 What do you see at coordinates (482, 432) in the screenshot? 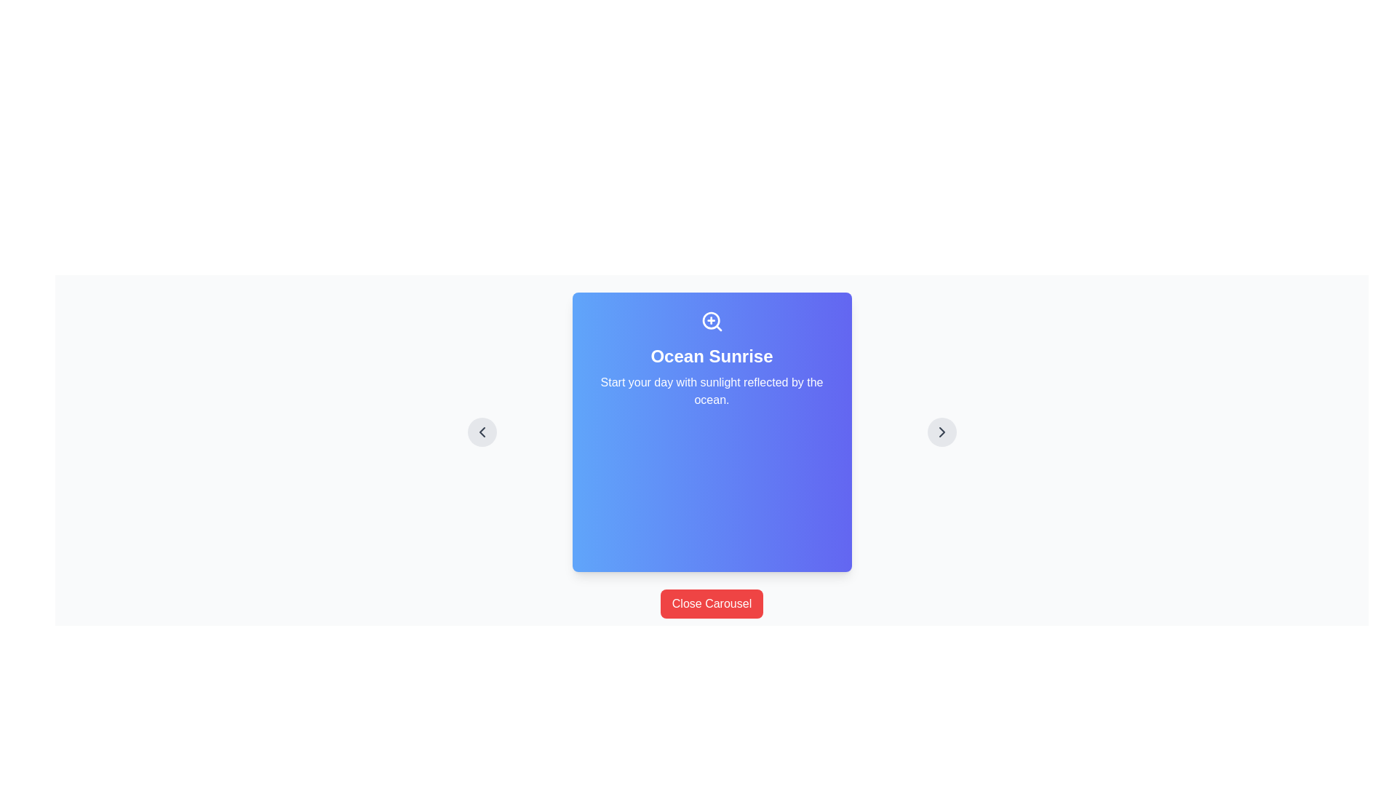
I see `the circular button with a light gray background and a left-pointing chevron icon located to the left of the 'Ocean Sunrise' content panel` at bounding box center [482, 432].